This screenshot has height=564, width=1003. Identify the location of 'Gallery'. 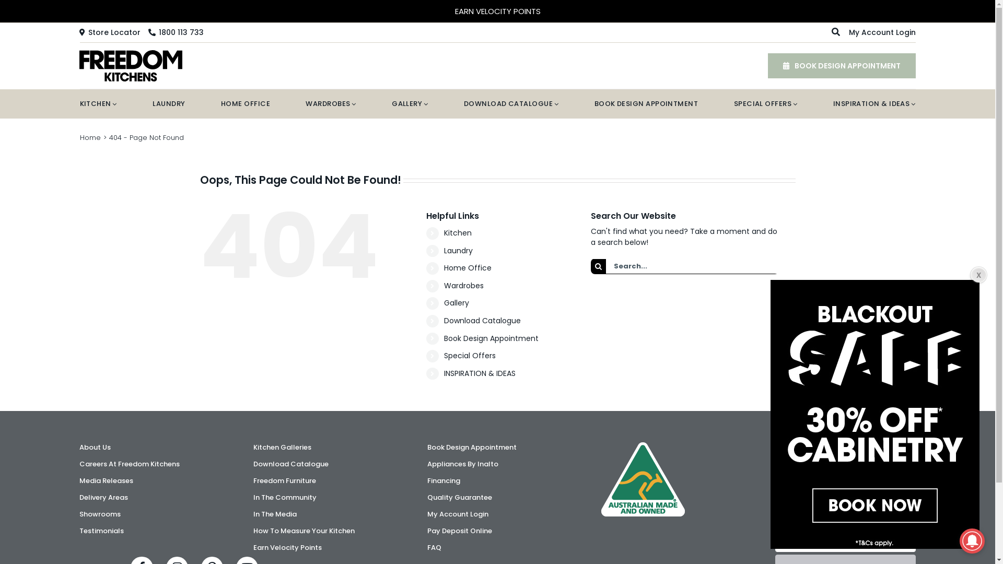
(456, 302).